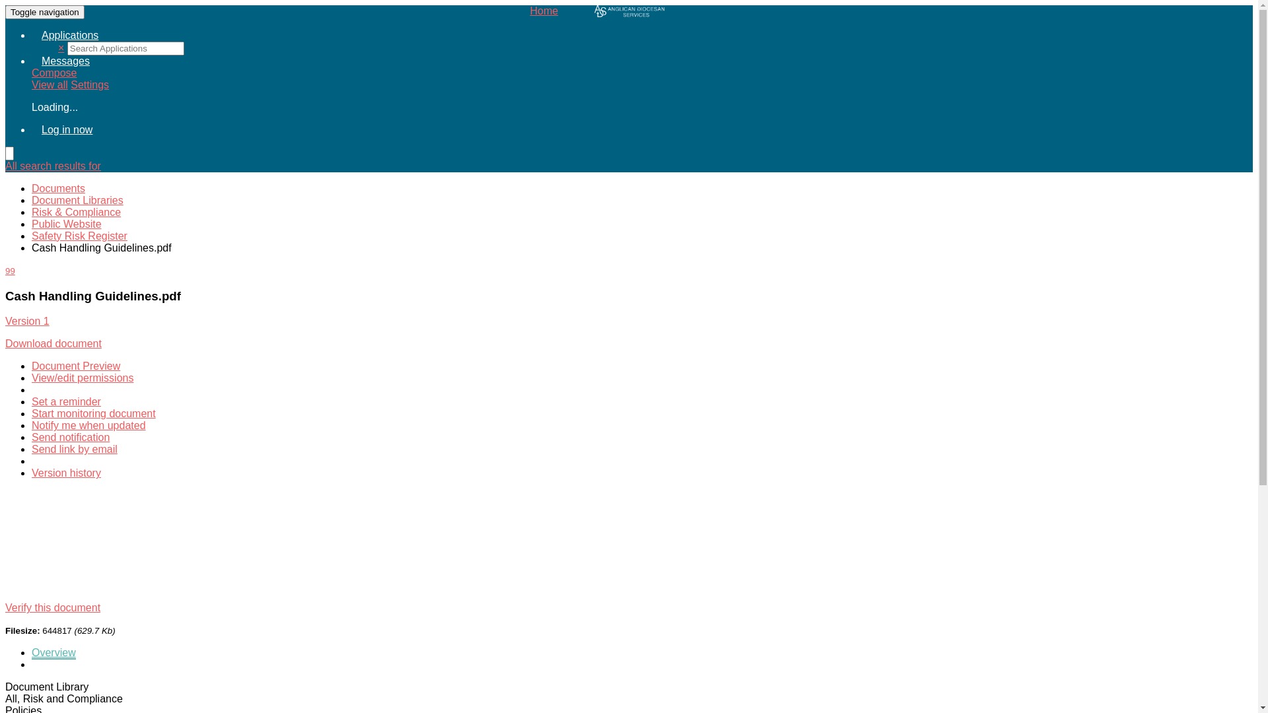 The image size is (1268, 713). Describe the element at coordinates (10, 269) in the screenshot. I see `'99'` at that location.